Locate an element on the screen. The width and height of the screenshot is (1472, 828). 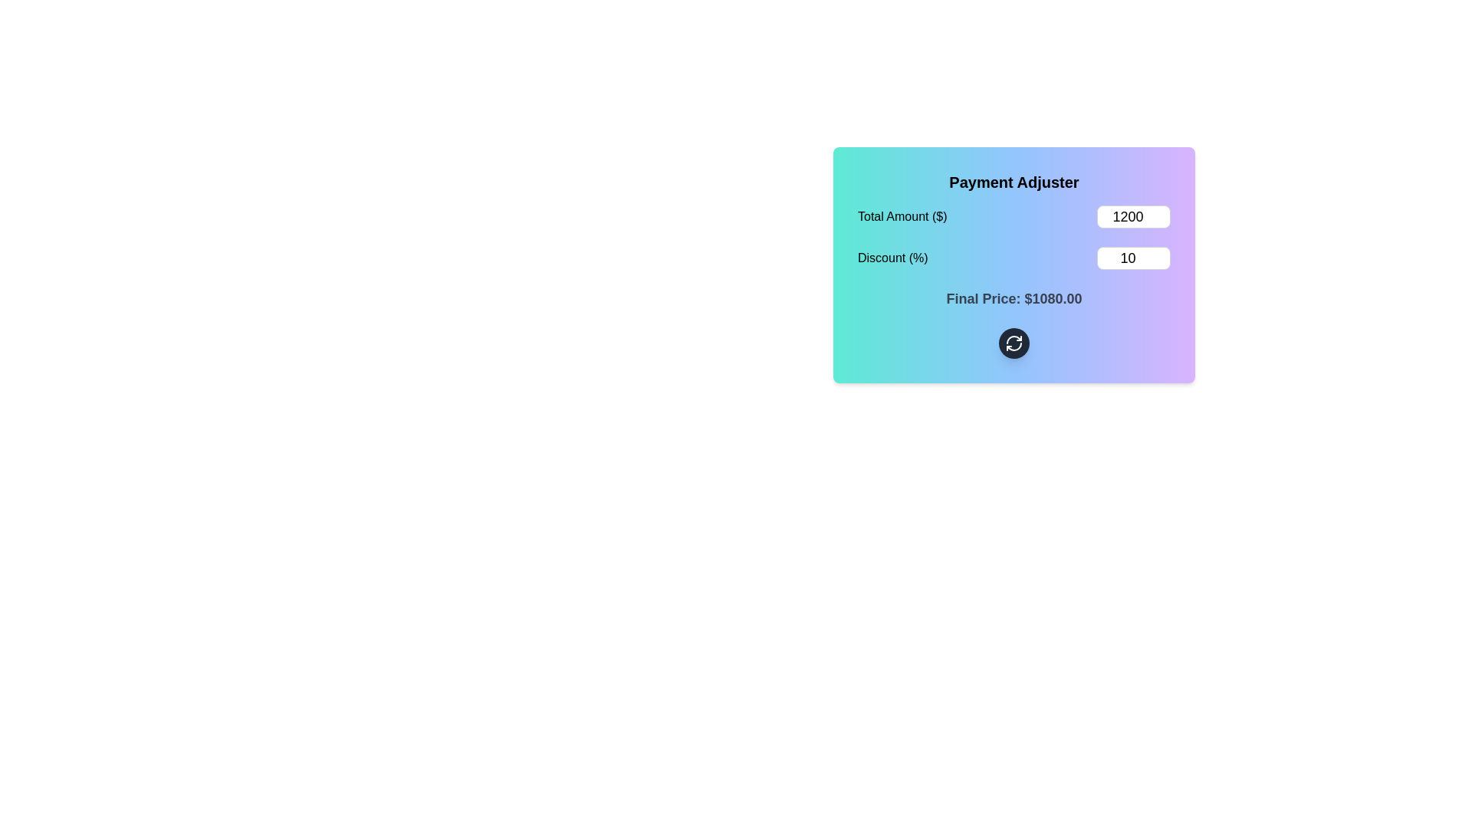
the arrow keys is located at coordinates (1133, 257).